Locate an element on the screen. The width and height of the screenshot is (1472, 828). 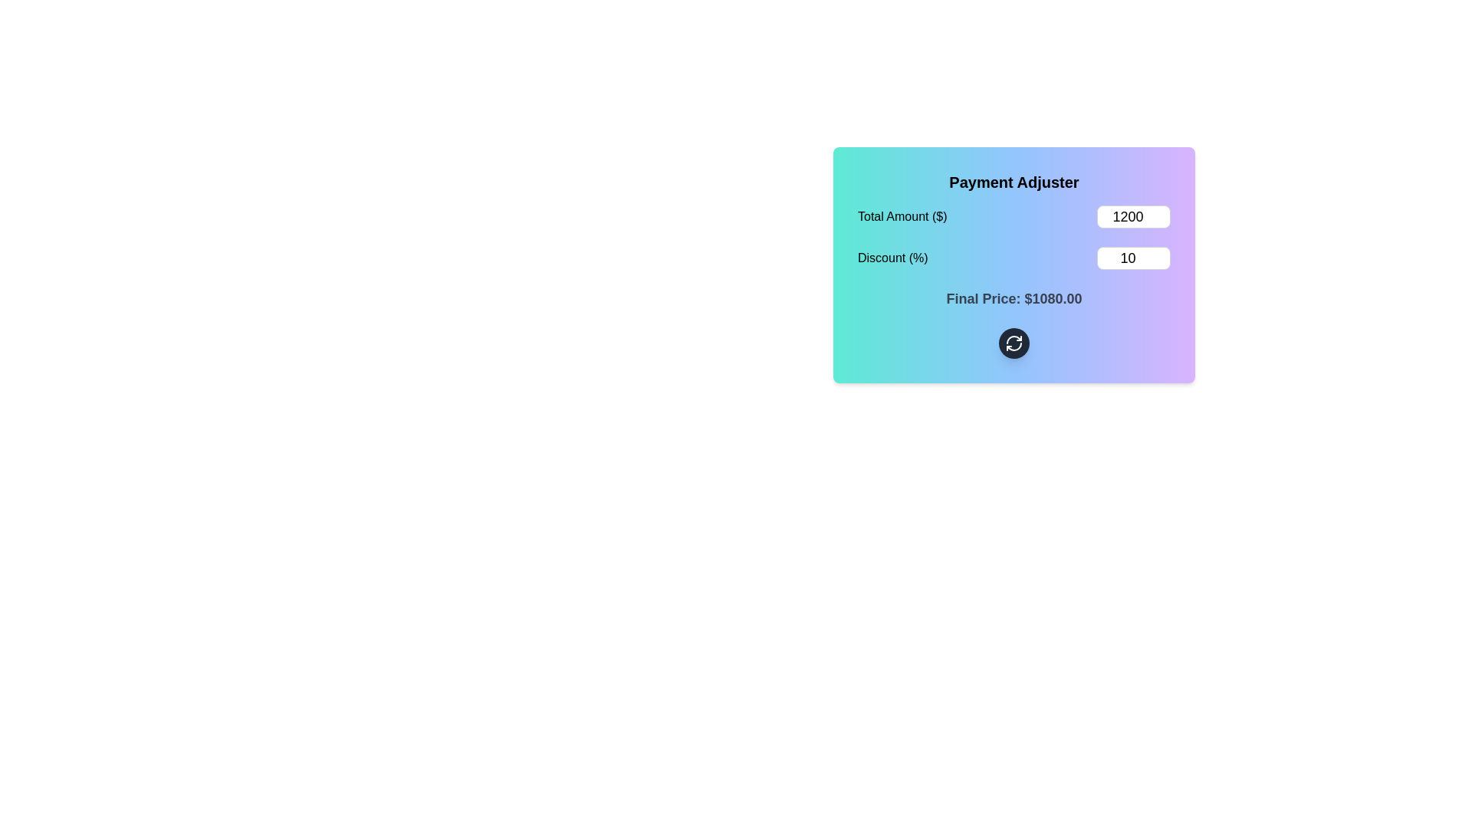
the arrow keys is located at coordinates (1133, 257).